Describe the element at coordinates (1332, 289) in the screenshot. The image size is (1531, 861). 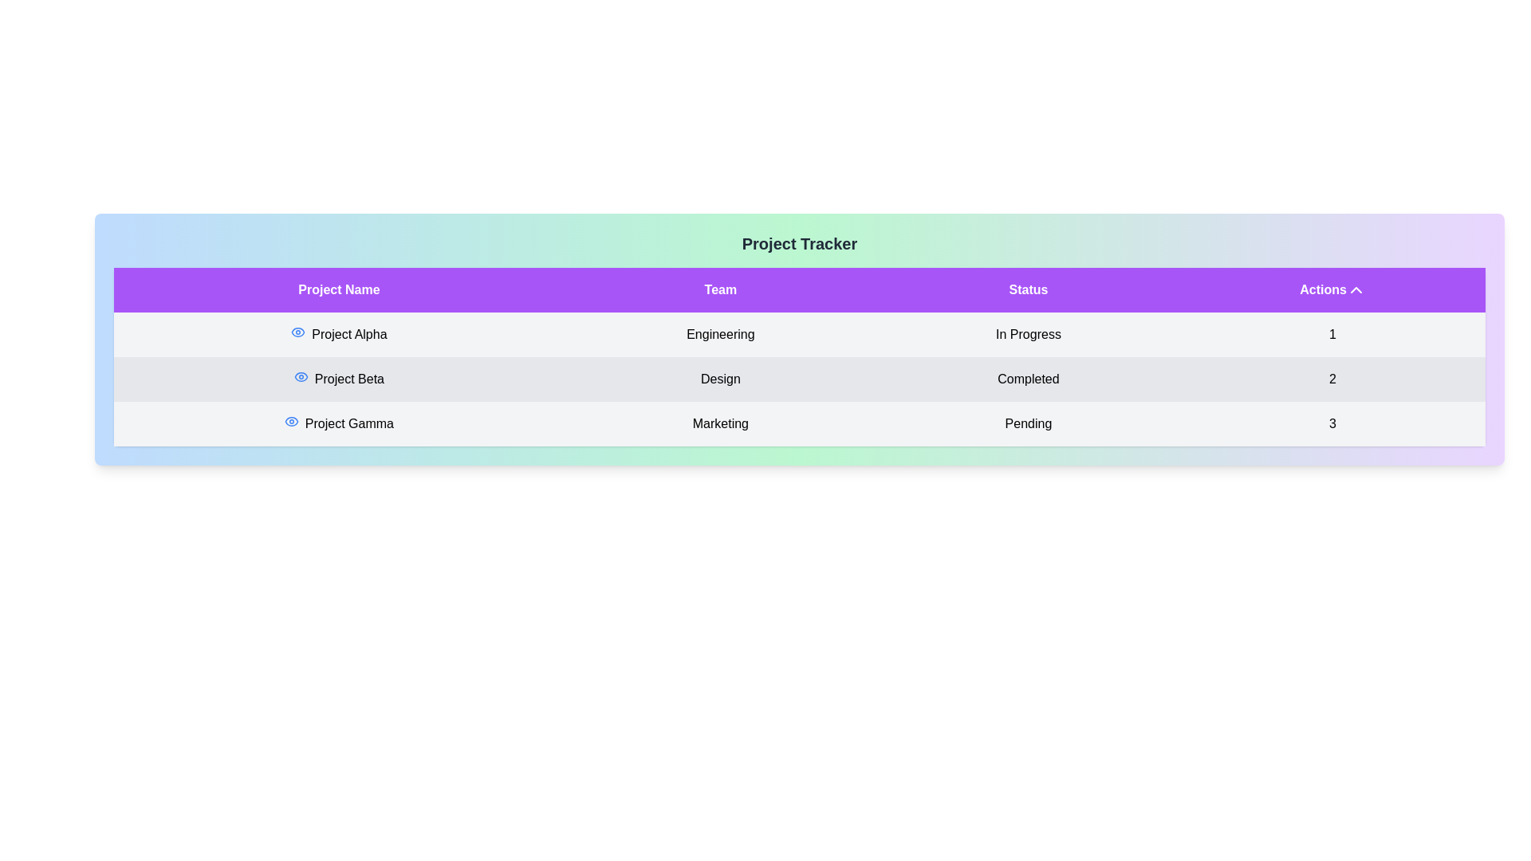
I see `the 'Actions' header to sort the table data` at that location.